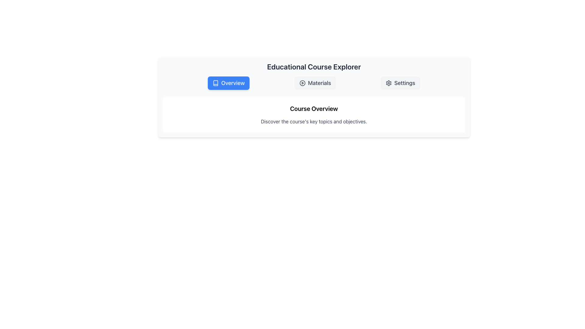 Image resolution: width=585 pixels, height=329 pixels. I want to click on the 'Settings' static text label, which is styled in a clean sans-serif font and located to the right of a gear icon in the navigation options at the top-right corner of the UI, so click(405, 83).